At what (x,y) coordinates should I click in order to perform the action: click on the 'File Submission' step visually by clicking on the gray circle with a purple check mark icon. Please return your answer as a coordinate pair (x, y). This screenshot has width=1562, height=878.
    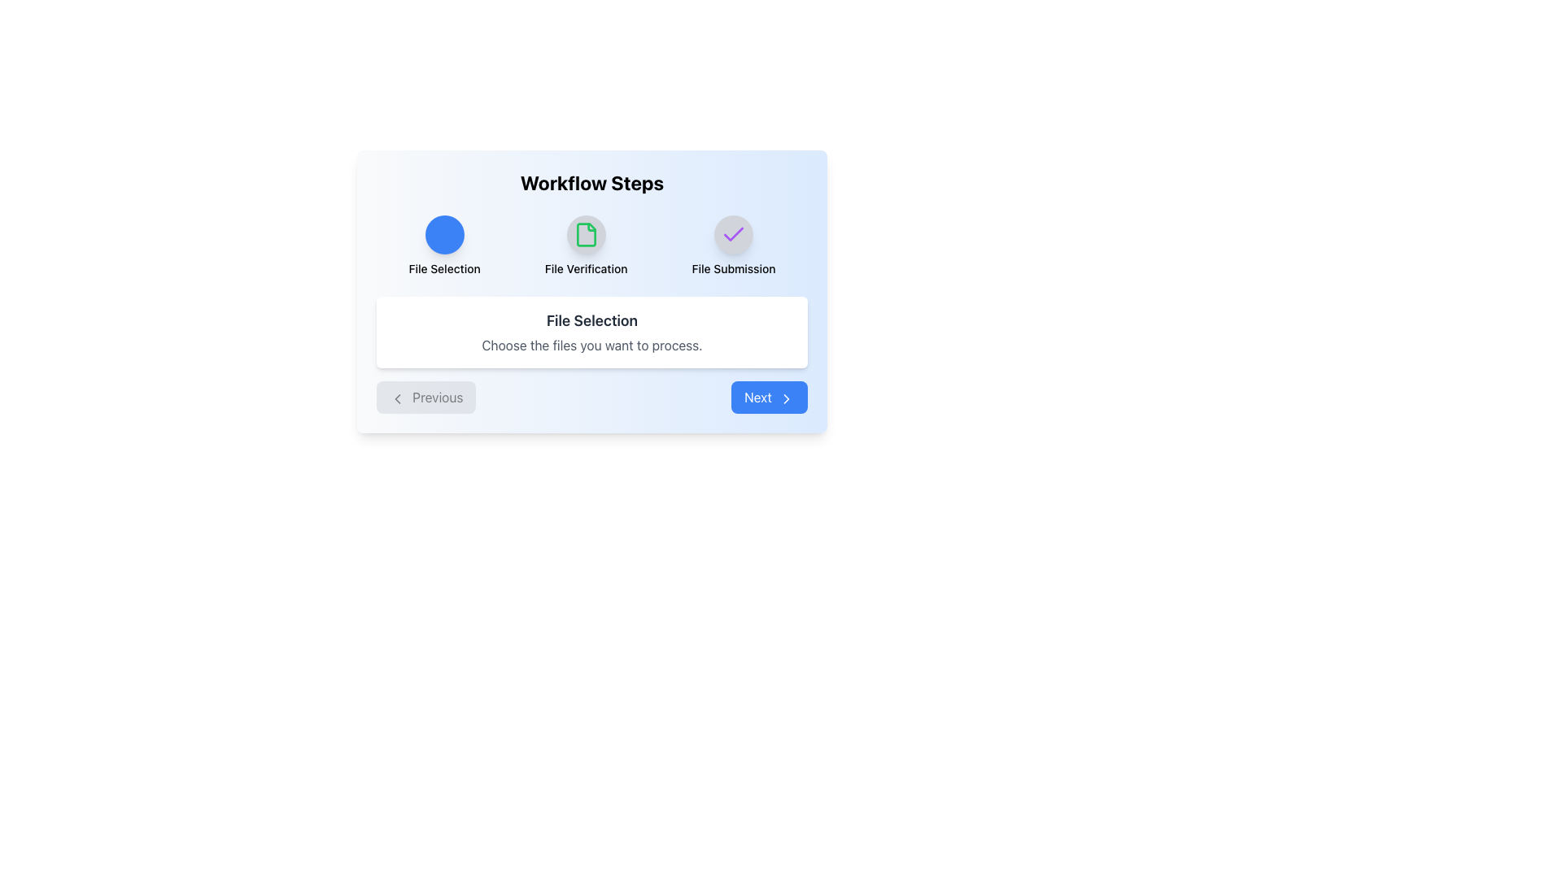
    Looking at the image, I should click on (733, 246).